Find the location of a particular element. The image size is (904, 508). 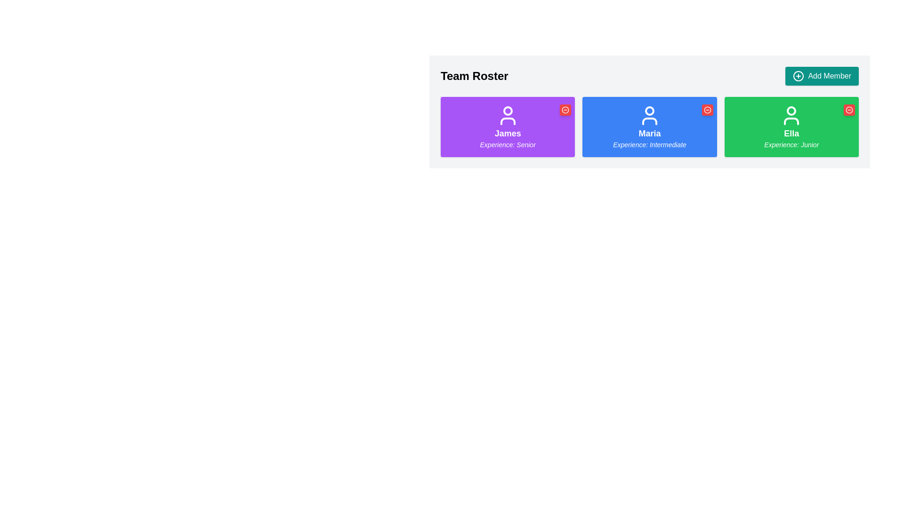

the Information card displaying the text 'Ella' in bold with a green background and subtitle 'Experience: Junior' in italic is located at coordinates (791, 127).